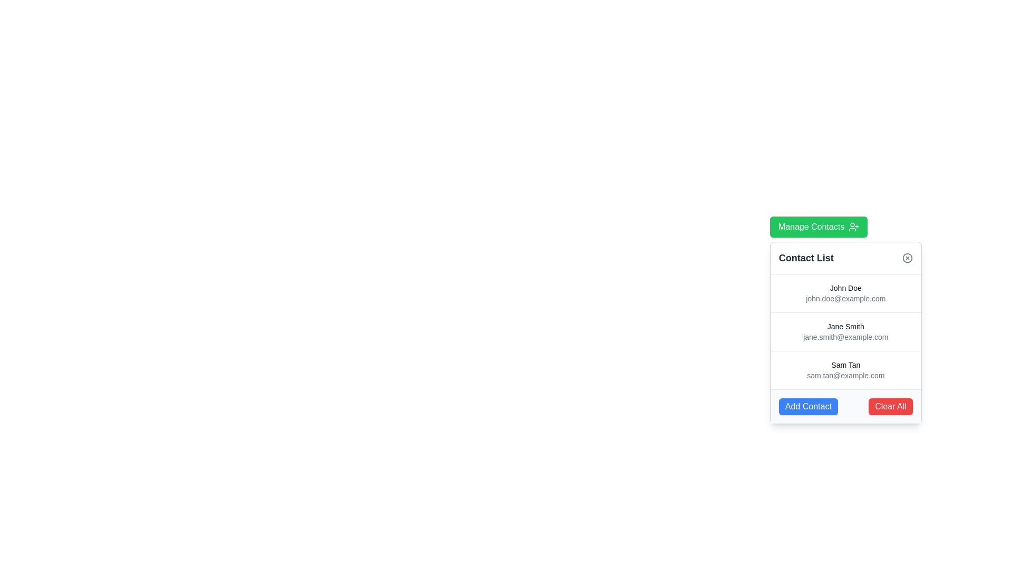 The height and width of the screenshot is (569, 1012). I want to click on the 'Contact List' label in the header section of the contact management card to identify its purpose, so click(805, 258).